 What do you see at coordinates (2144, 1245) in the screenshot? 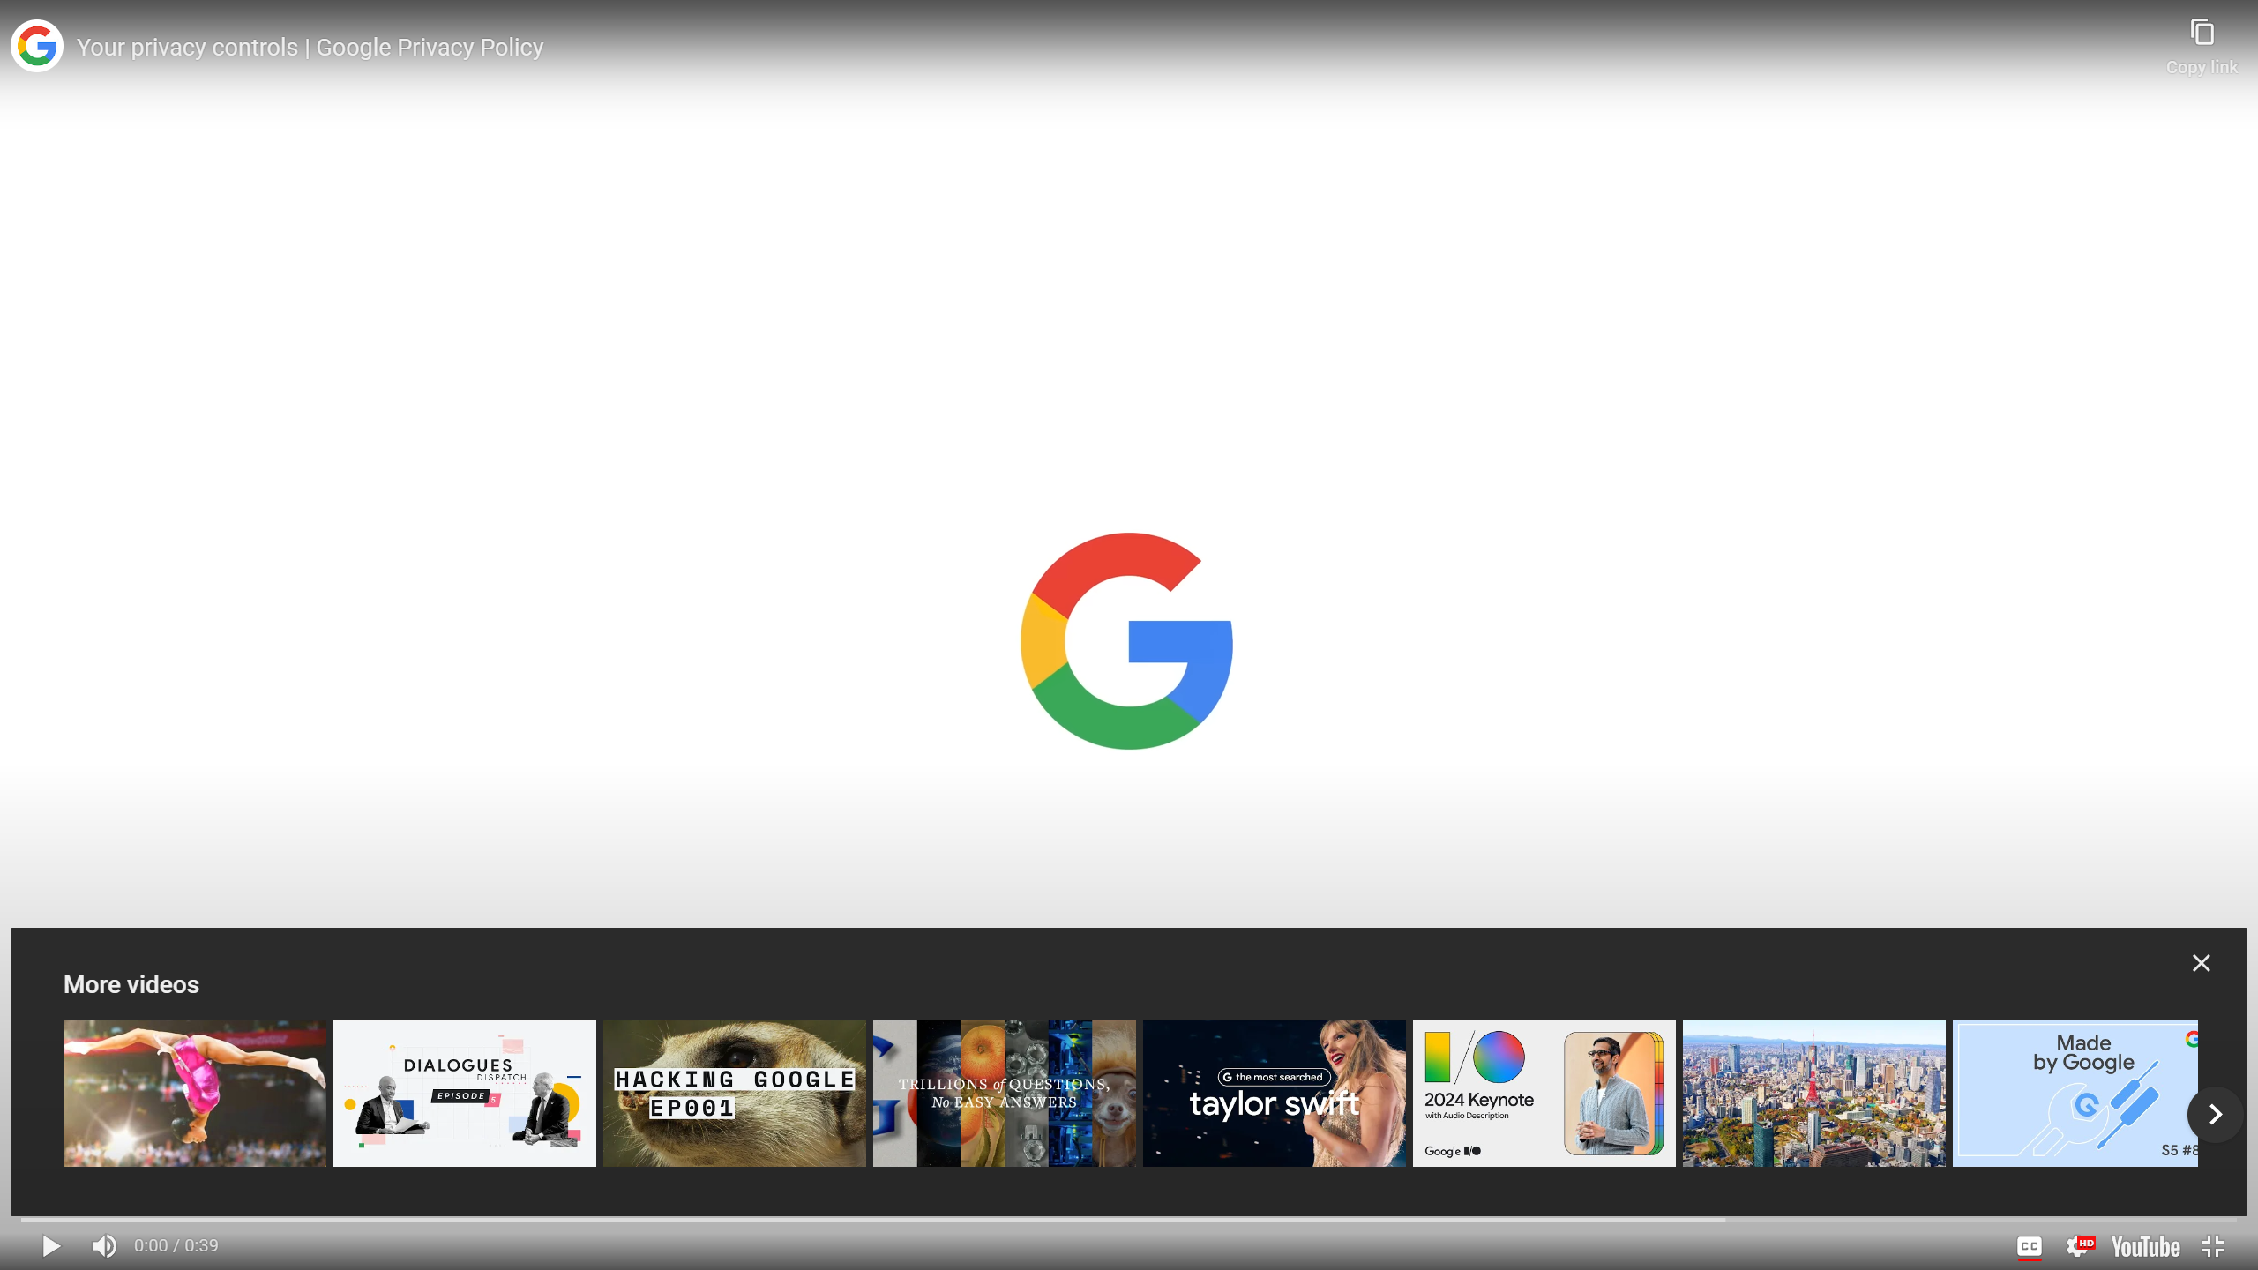
I see `'Watch on YouTube'` at bounding box center [2144, 1245].